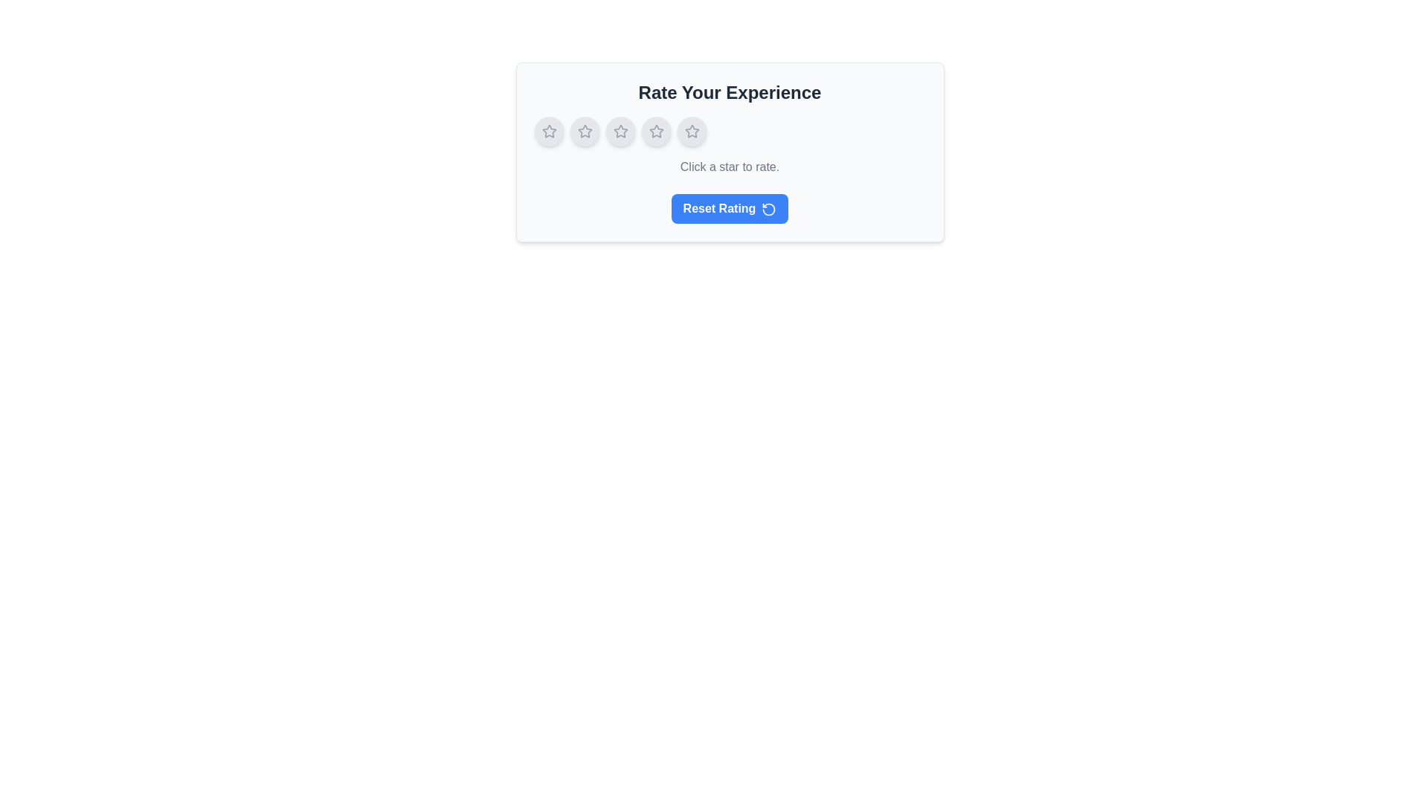  Describe the element at coordinates (584, 131) in the screenshot. I see `the star icon within the circular button` at that location.